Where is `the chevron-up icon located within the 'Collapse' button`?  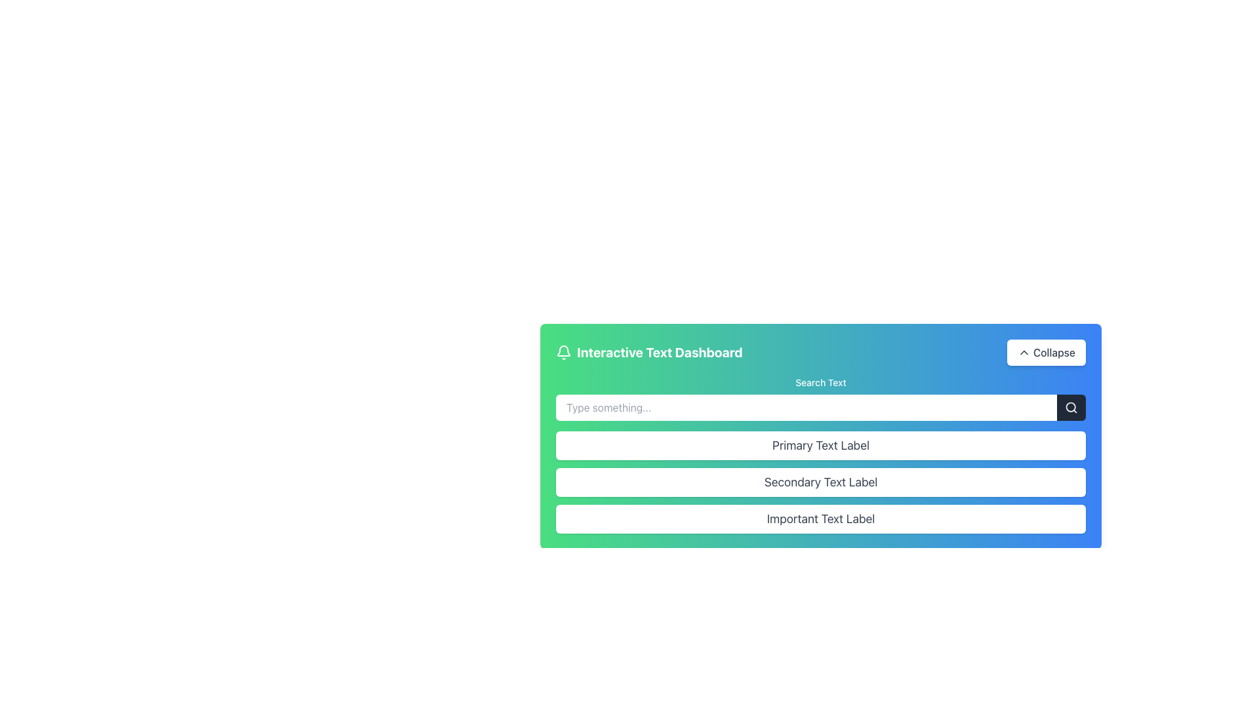 the chevron-up icon located within the 'Collapse' button is located at coordinates (1023, 351).